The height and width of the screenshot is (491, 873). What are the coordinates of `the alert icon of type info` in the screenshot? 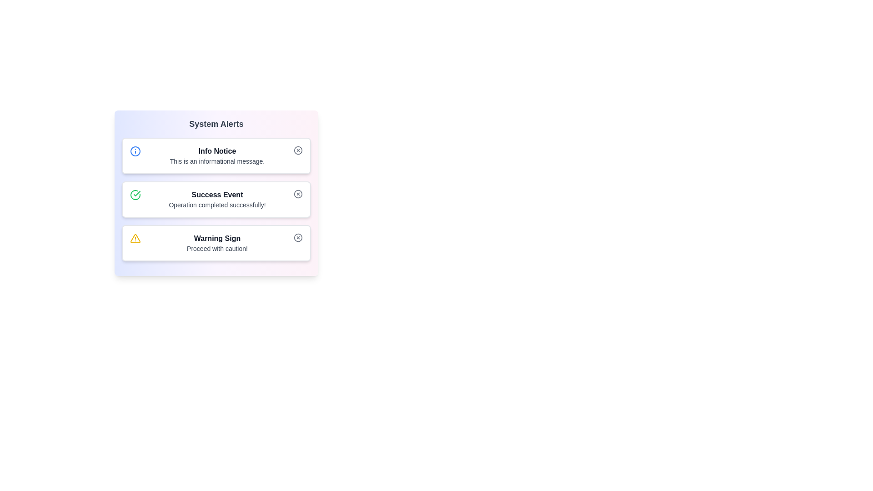 It's located at (135, 150).